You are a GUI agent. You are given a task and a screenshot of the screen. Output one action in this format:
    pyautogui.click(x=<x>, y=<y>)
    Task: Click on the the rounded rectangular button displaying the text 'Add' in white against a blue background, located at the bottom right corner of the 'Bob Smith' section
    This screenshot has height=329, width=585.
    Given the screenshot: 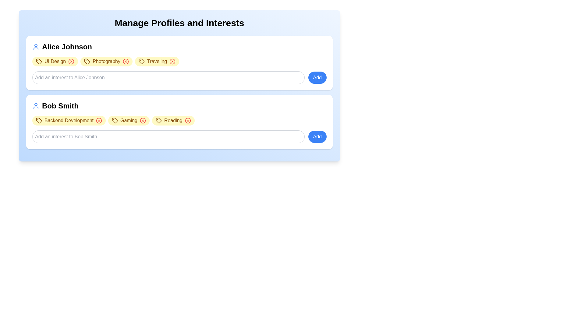 What is the action you would take?
    pyautogui.click(x=317, y=136)
    